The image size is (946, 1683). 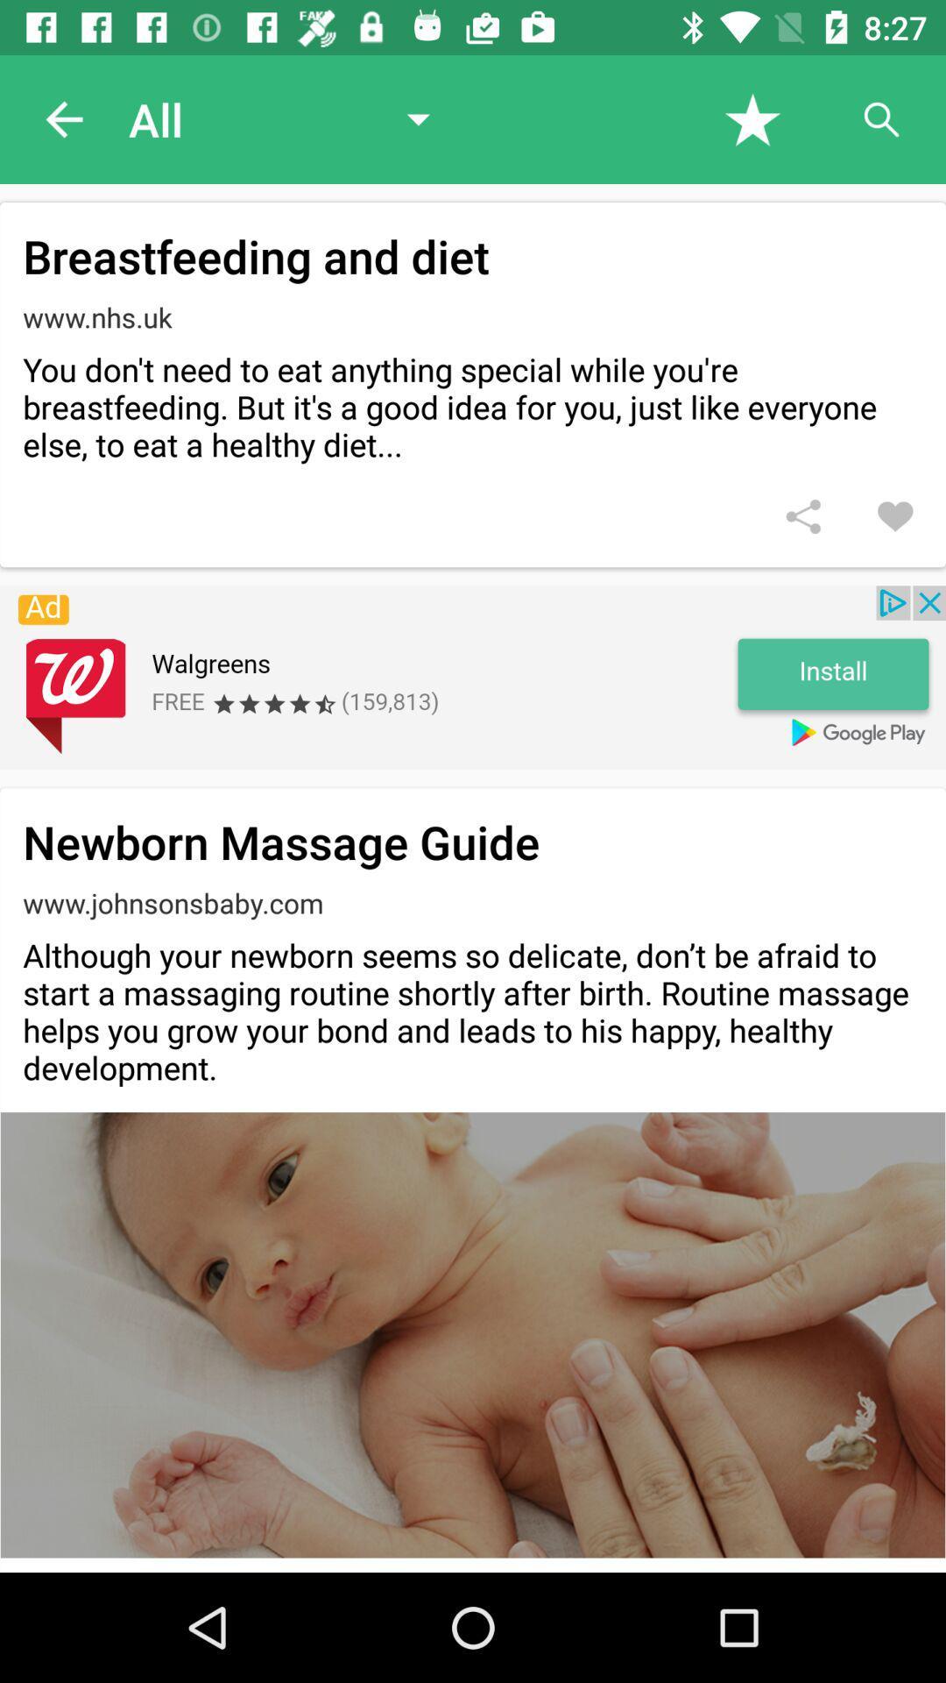 What do you see at coordinates (803, 515) in the screenshot?
I see `share option` at bounding box center [803, 515].